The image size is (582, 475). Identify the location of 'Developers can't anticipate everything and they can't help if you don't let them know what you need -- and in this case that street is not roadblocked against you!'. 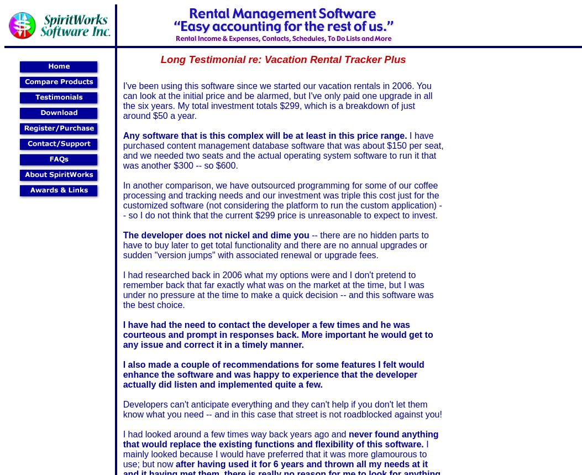
(282, 408).